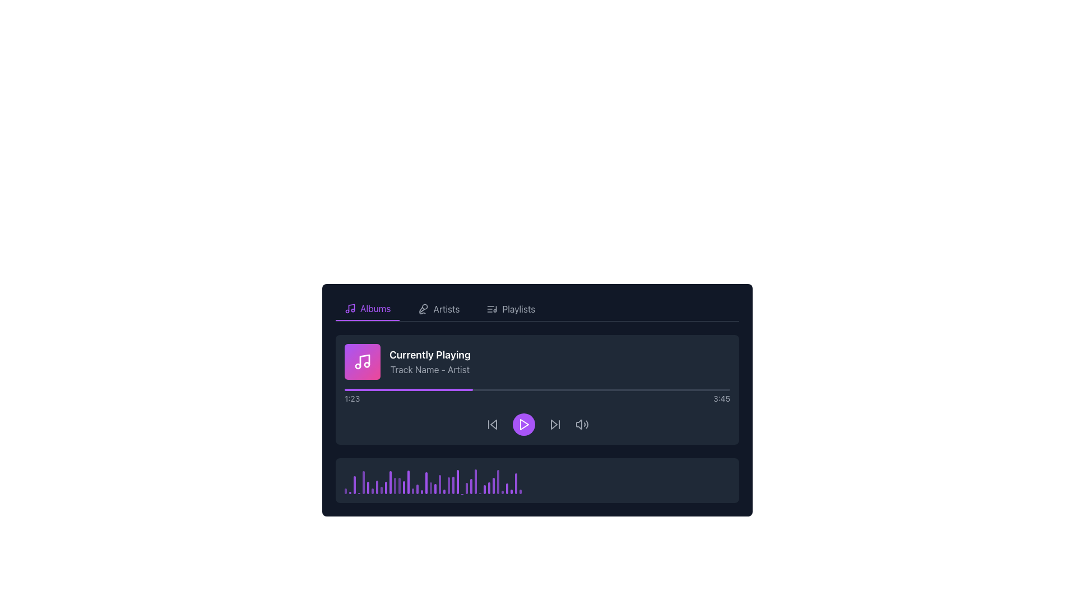 The width and height of the screenshot is (1076, 605). I want to click on the vertical purple bar in the music player interface, which is styled to indicate a volume or frequency level and is approximately three slots from the right among a total of around 50 bars, so click(449, 485).